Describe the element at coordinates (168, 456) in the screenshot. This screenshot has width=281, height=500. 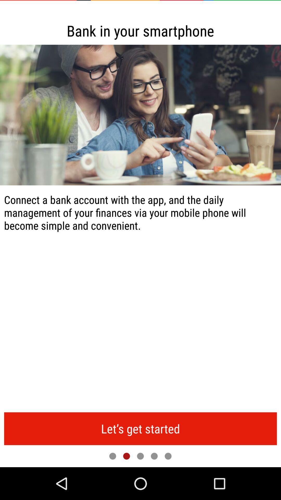
I see `change tab` at that location.